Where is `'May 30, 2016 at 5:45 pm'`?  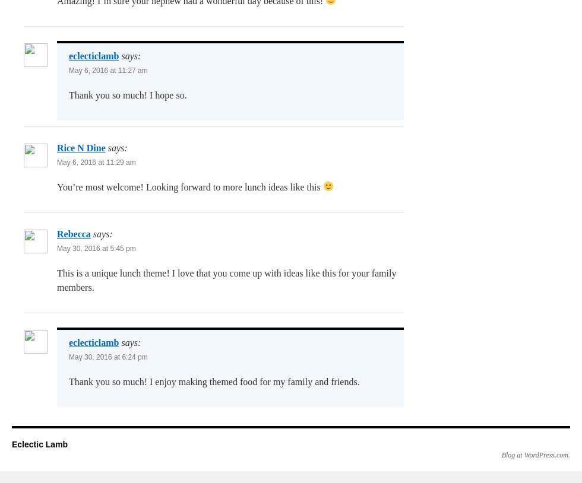
'May 30, 2016 at 5:45 pm' is located at coordinates (96, 247).